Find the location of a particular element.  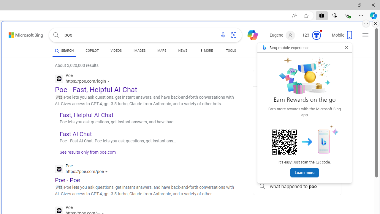

'TOOLS' is located at coordinates (231, 51).